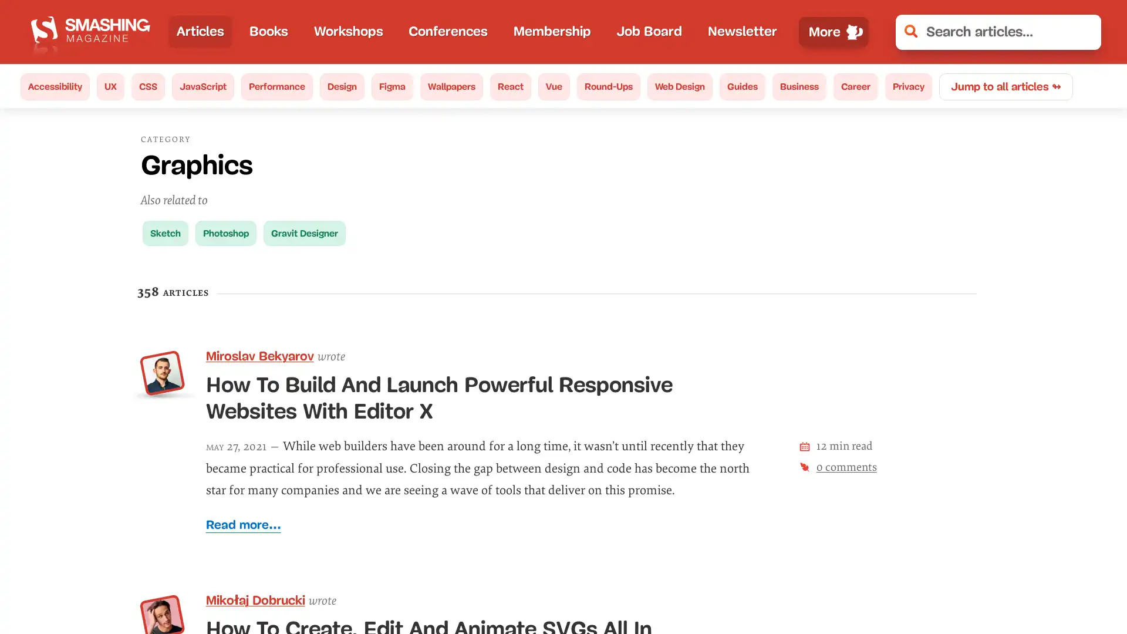  I want to click on No, thanks., so click(924, 586).